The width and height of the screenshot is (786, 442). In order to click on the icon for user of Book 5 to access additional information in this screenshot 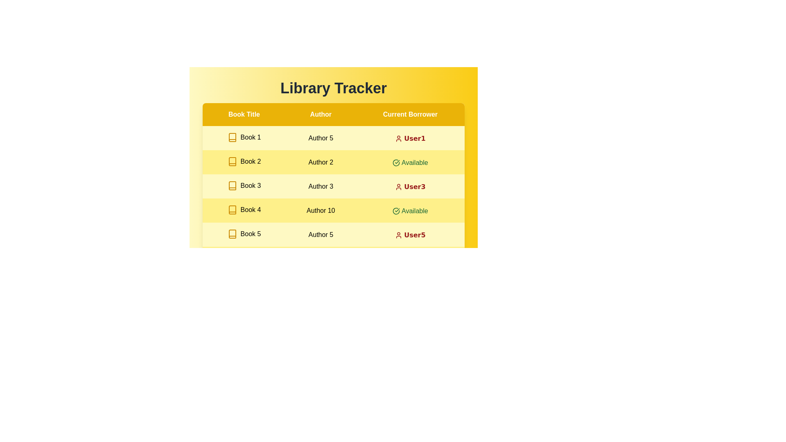, I will do `click(399, 235)`.